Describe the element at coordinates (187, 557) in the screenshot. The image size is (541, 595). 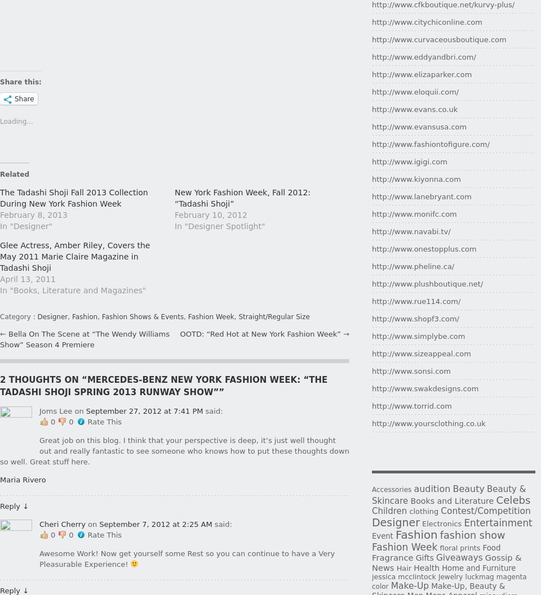
I see `'Awesome Work! Now get yourself some Rest so you can continue to have a Very Pleasurable Experience!'` at that location.